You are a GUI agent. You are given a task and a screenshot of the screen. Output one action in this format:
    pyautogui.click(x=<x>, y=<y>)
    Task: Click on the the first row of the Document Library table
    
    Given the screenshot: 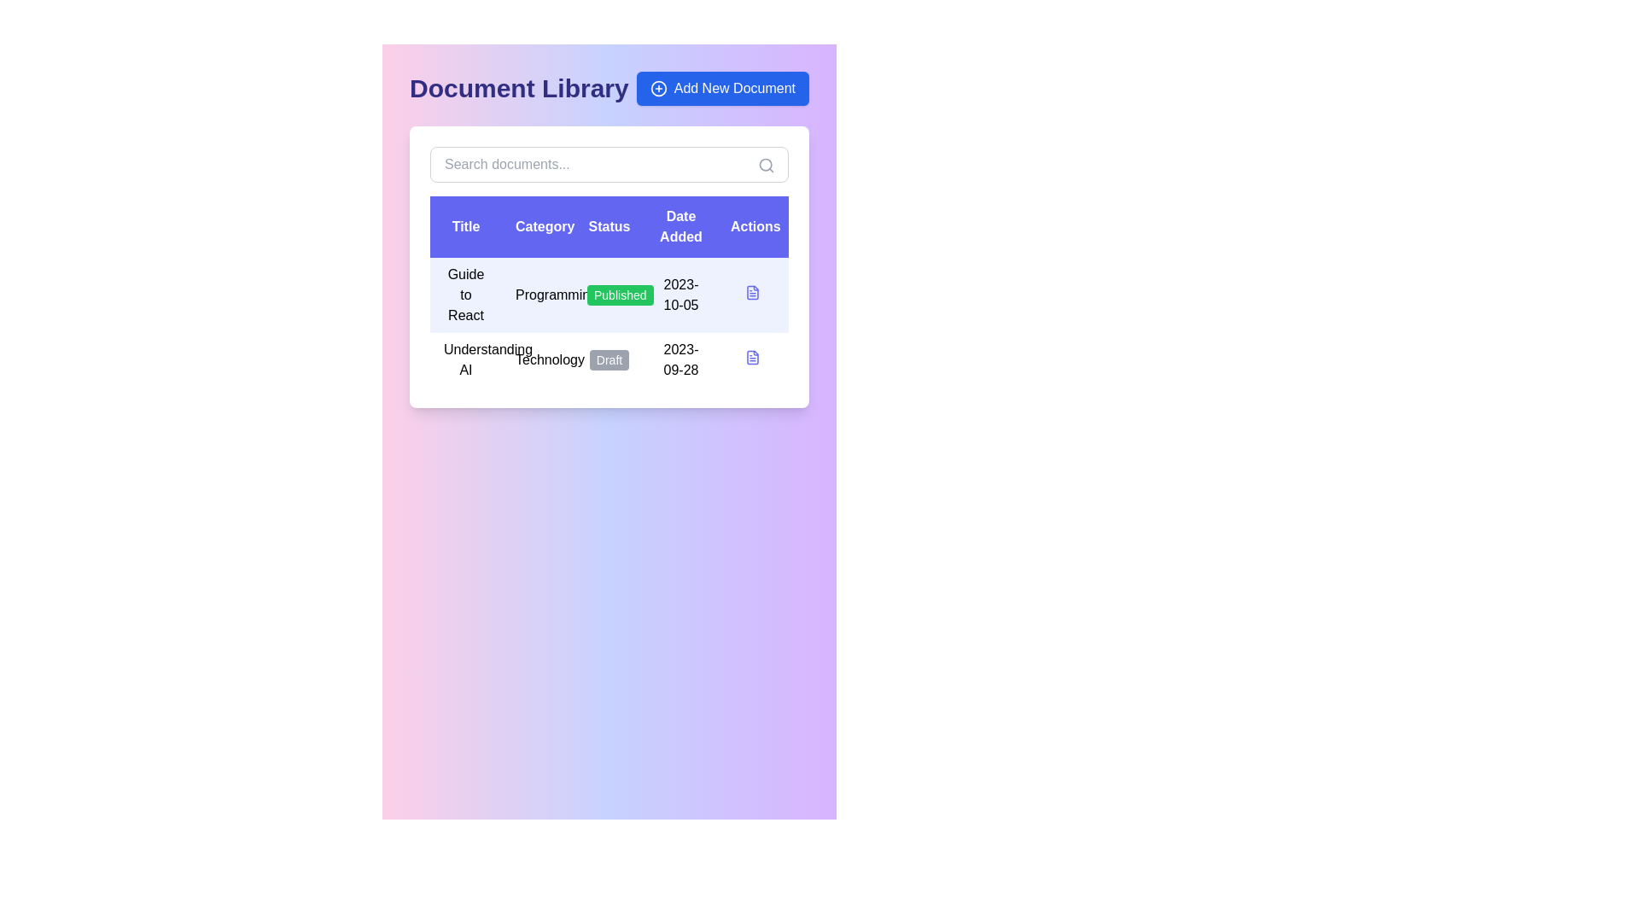 What is the action you would take?
    pyautogui.click(x=610, y=295)
    